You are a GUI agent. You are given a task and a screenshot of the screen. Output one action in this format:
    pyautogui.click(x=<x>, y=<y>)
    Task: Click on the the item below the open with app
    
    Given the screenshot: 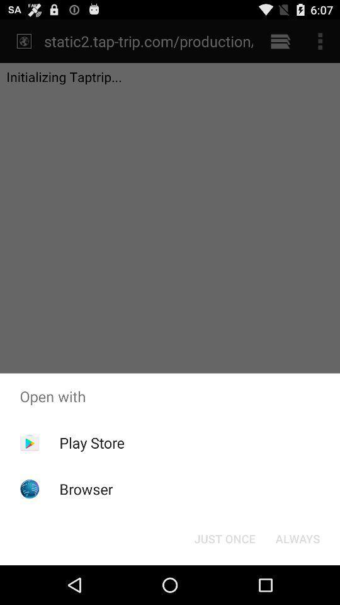 What is the action you would take?
    pyautogui.click(x=91, y=442)
    